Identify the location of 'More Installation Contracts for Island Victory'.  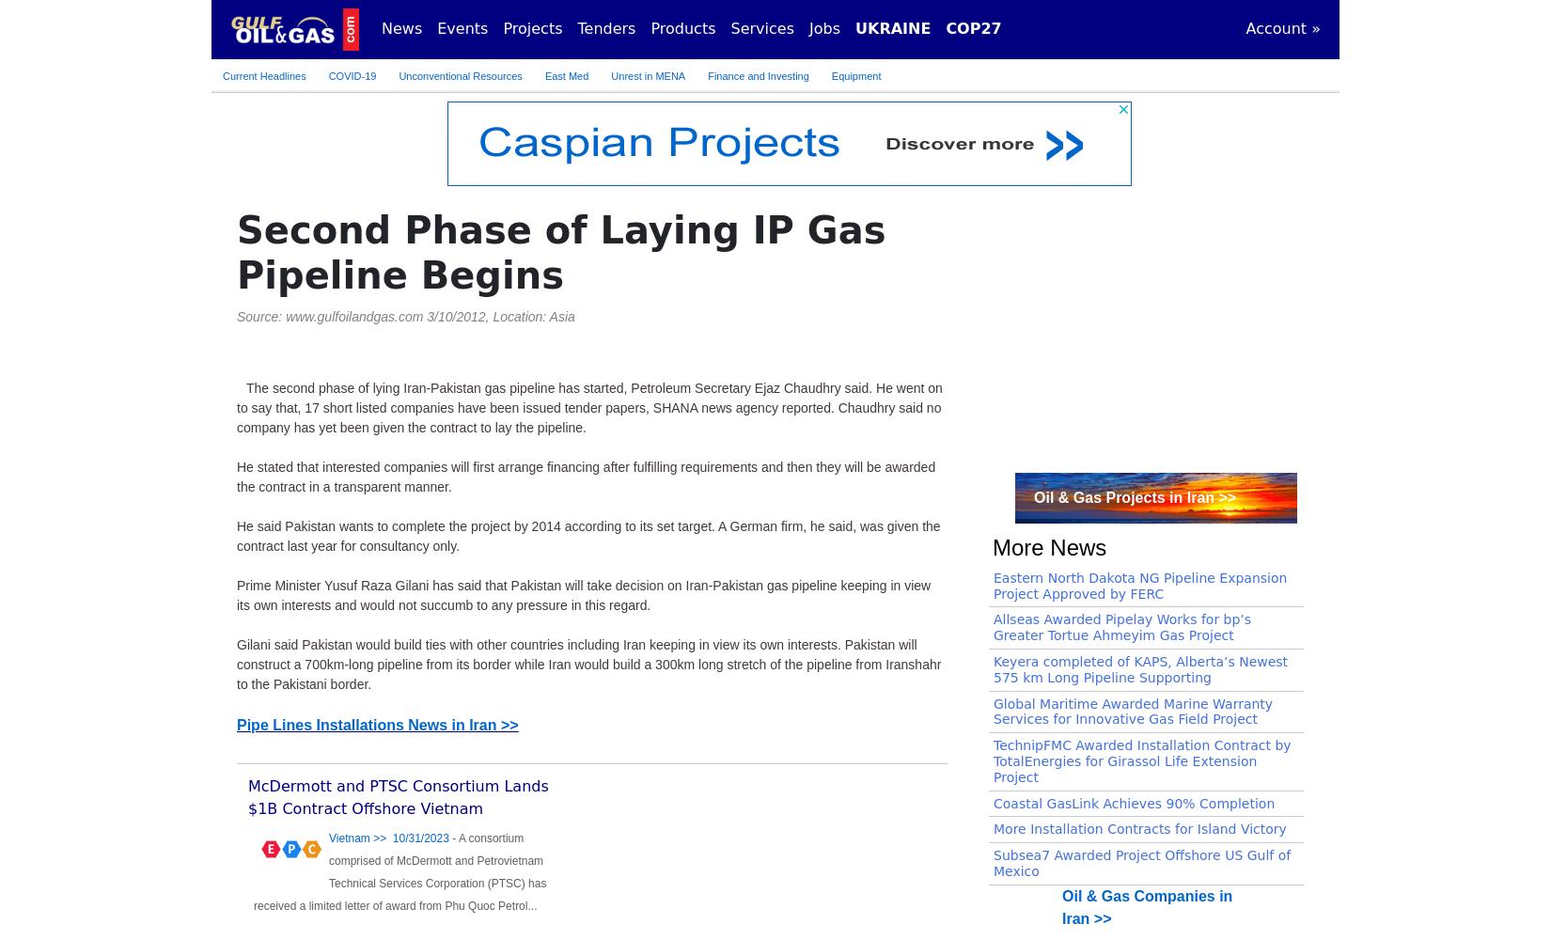
(1139, 829).